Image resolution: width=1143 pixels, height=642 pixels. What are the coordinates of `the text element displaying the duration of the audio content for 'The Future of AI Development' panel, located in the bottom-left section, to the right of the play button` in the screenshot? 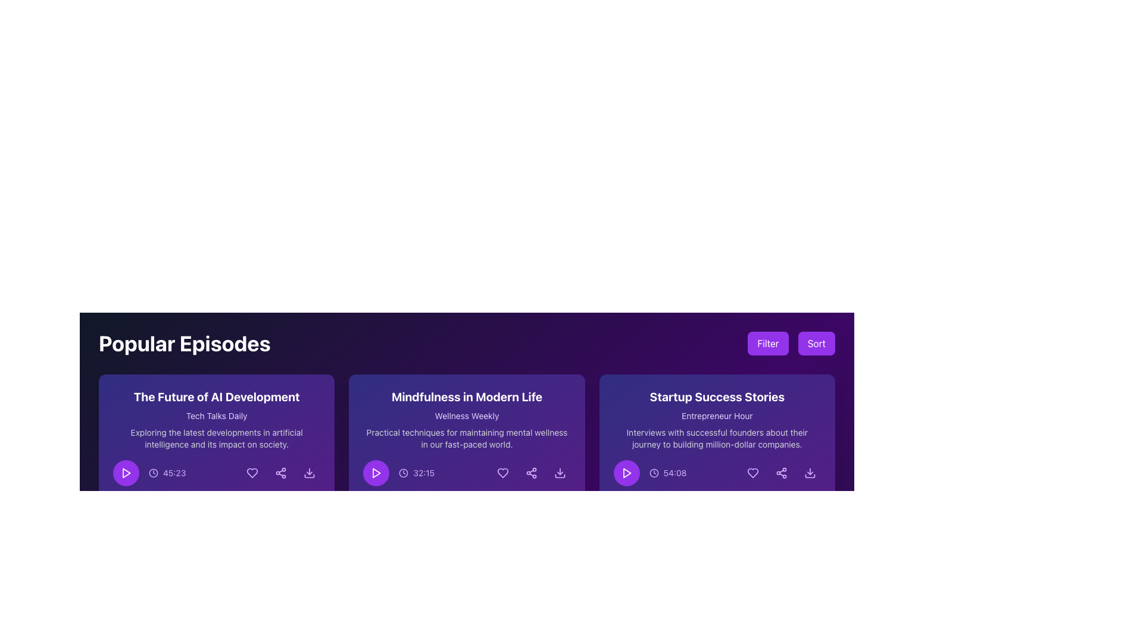 It's located at (167, 472).